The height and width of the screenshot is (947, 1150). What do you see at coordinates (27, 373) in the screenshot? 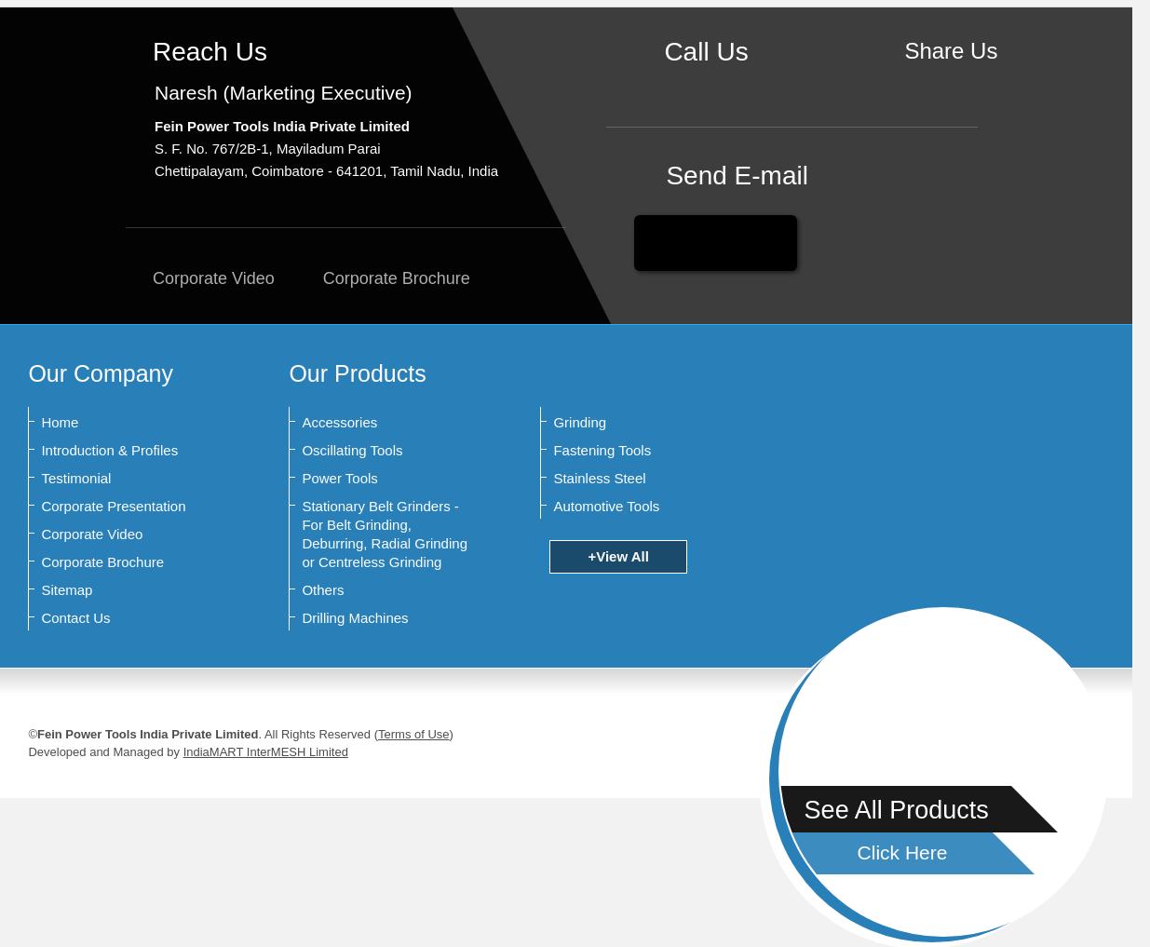
I see `'Our Company'` at bounding box center [27, 373].